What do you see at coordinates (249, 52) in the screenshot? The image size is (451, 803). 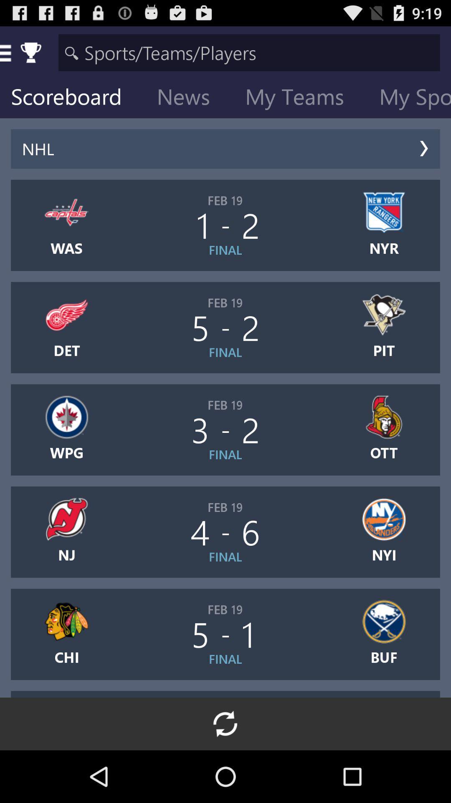 I see `research field` at bounding box center [249, 52].